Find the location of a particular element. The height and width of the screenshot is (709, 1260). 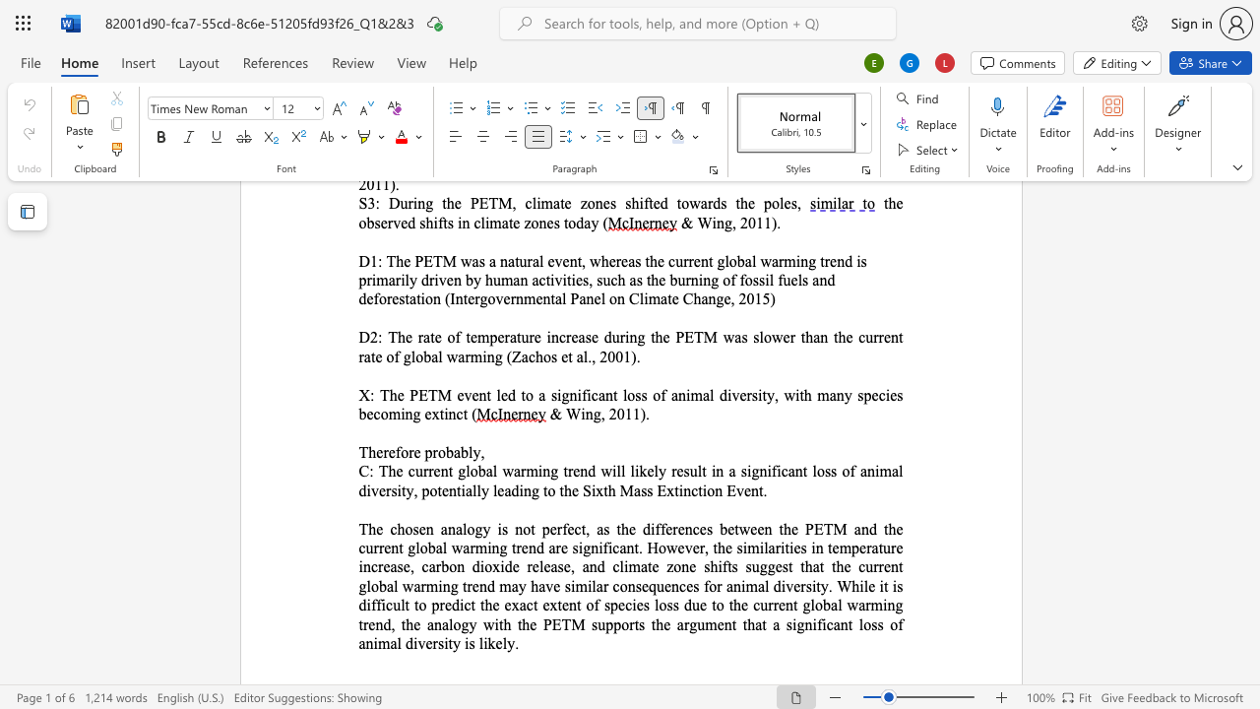

the 1th character "r" in the text is located at coordinates (386, 452).